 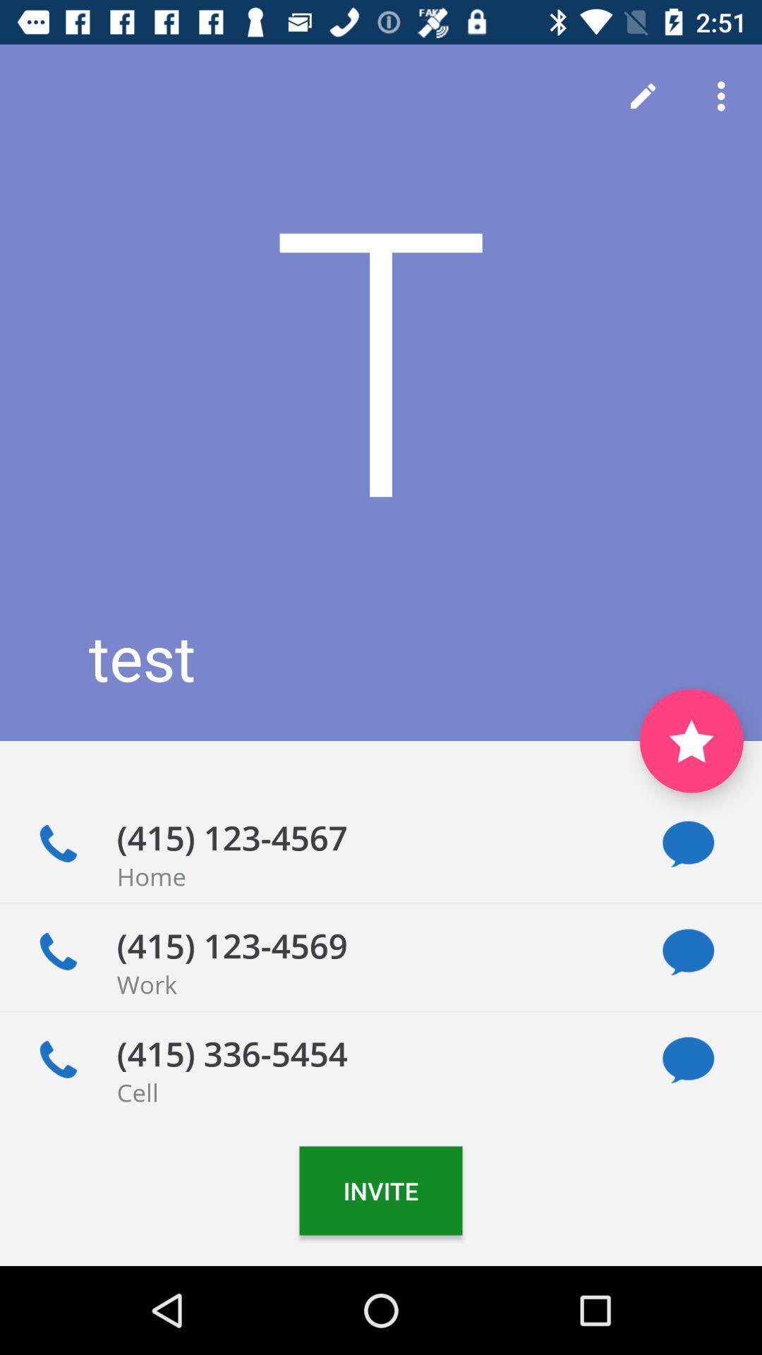 What do you see at coordinates (57, 952) in the screenshot?
I see `call this number` at bounding box center [57, 952].